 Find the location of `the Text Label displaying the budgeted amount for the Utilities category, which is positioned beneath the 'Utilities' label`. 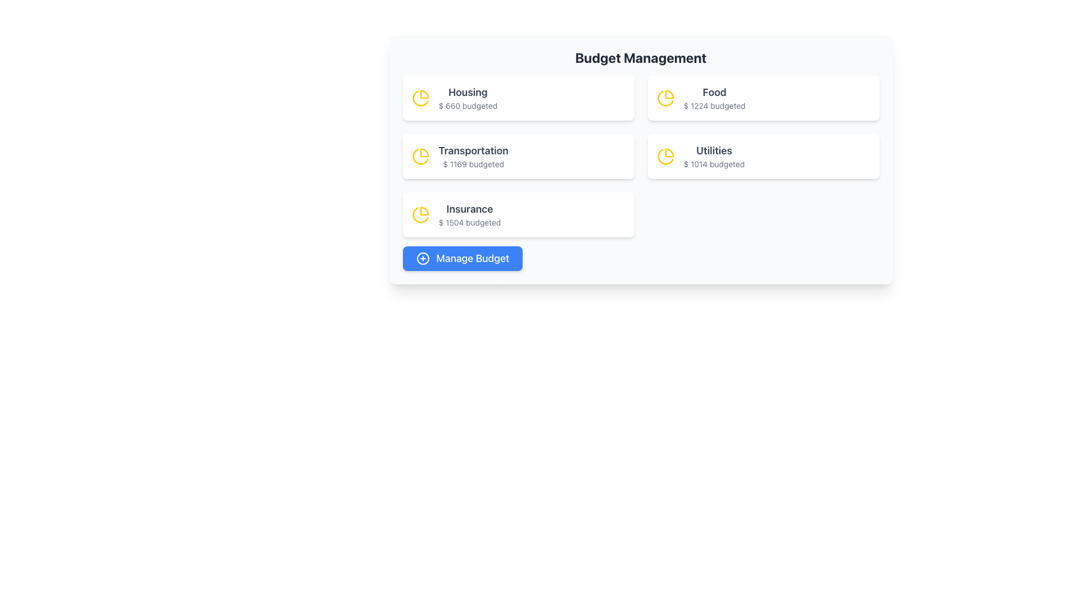

the Text Label displaying the budgeted amount for the Utilities category, which is positioned beneath the 'Utilities' label is located at coordinates (713, 164).